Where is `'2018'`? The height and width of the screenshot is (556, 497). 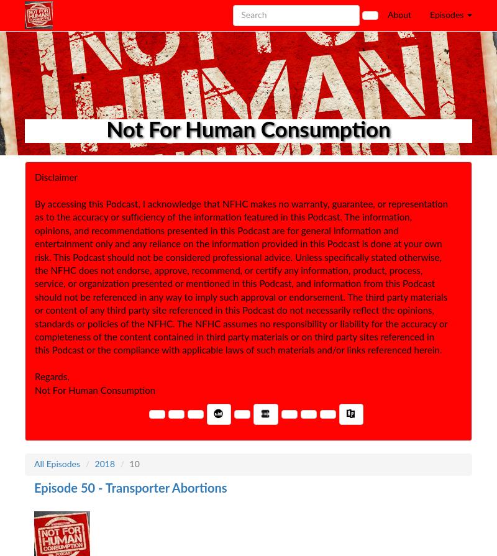 '2018' is located at coordinates (104, 464).